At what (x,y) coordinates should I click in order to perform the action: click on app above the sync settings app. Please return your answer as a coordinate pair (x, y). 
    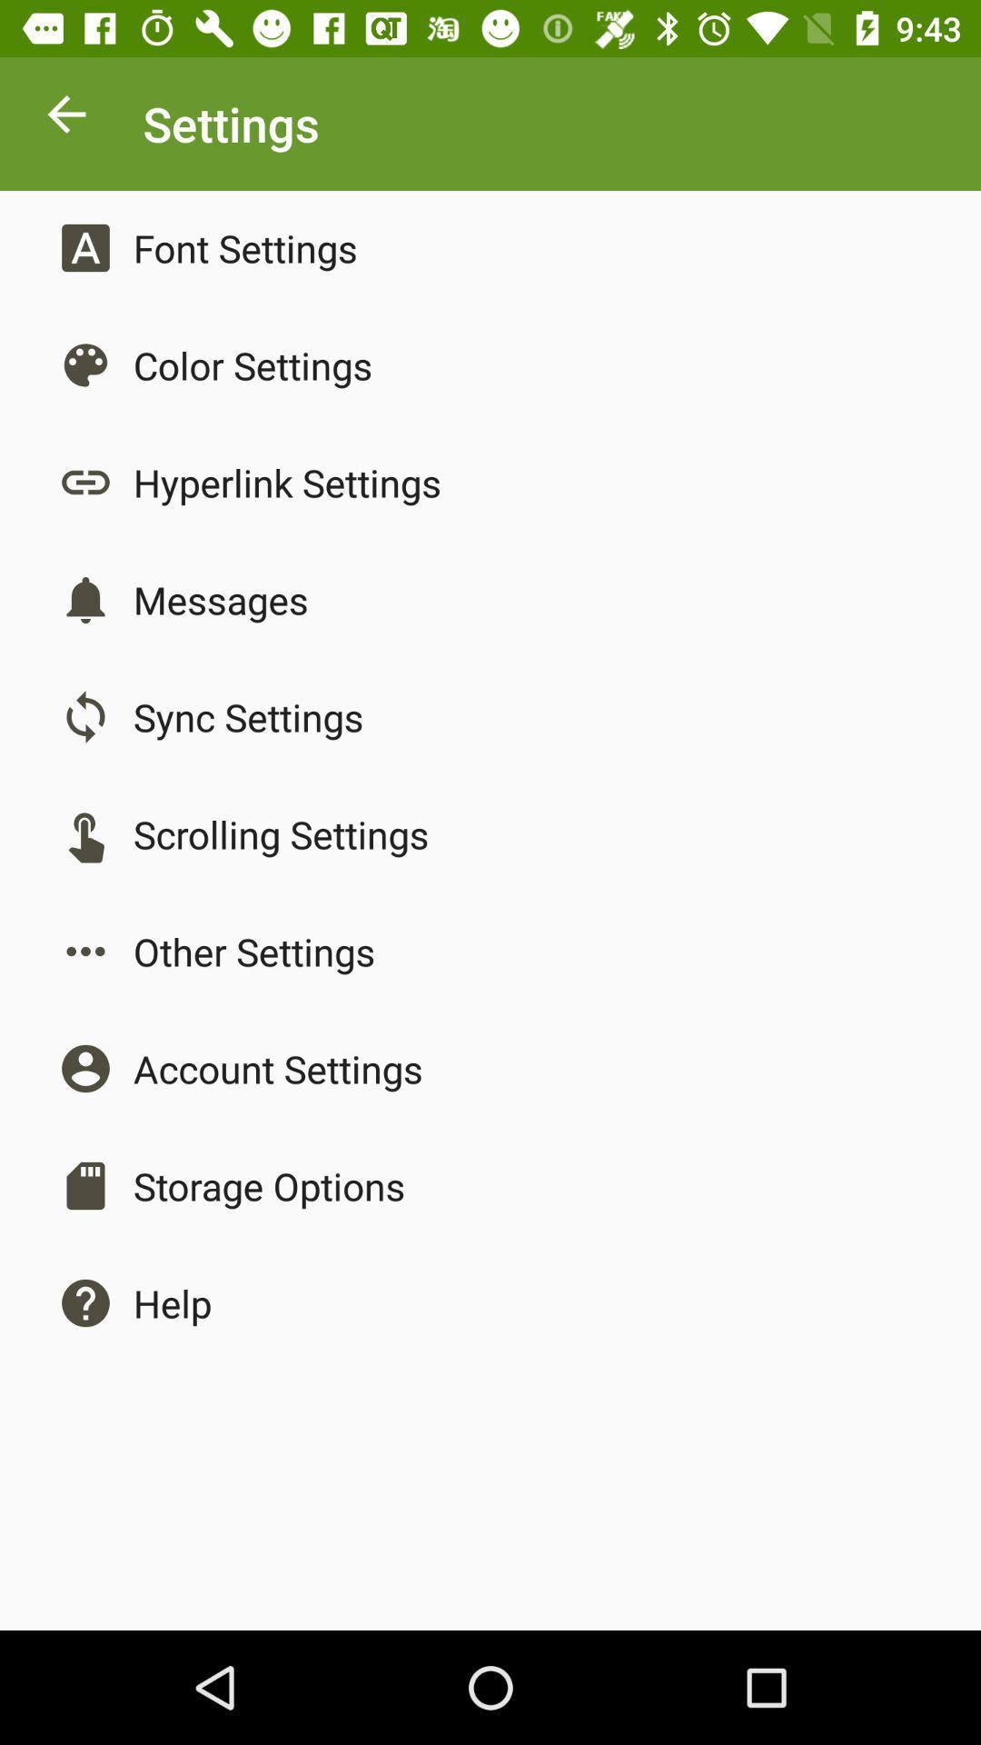
    Looking at the image, I should click on (220, 600).